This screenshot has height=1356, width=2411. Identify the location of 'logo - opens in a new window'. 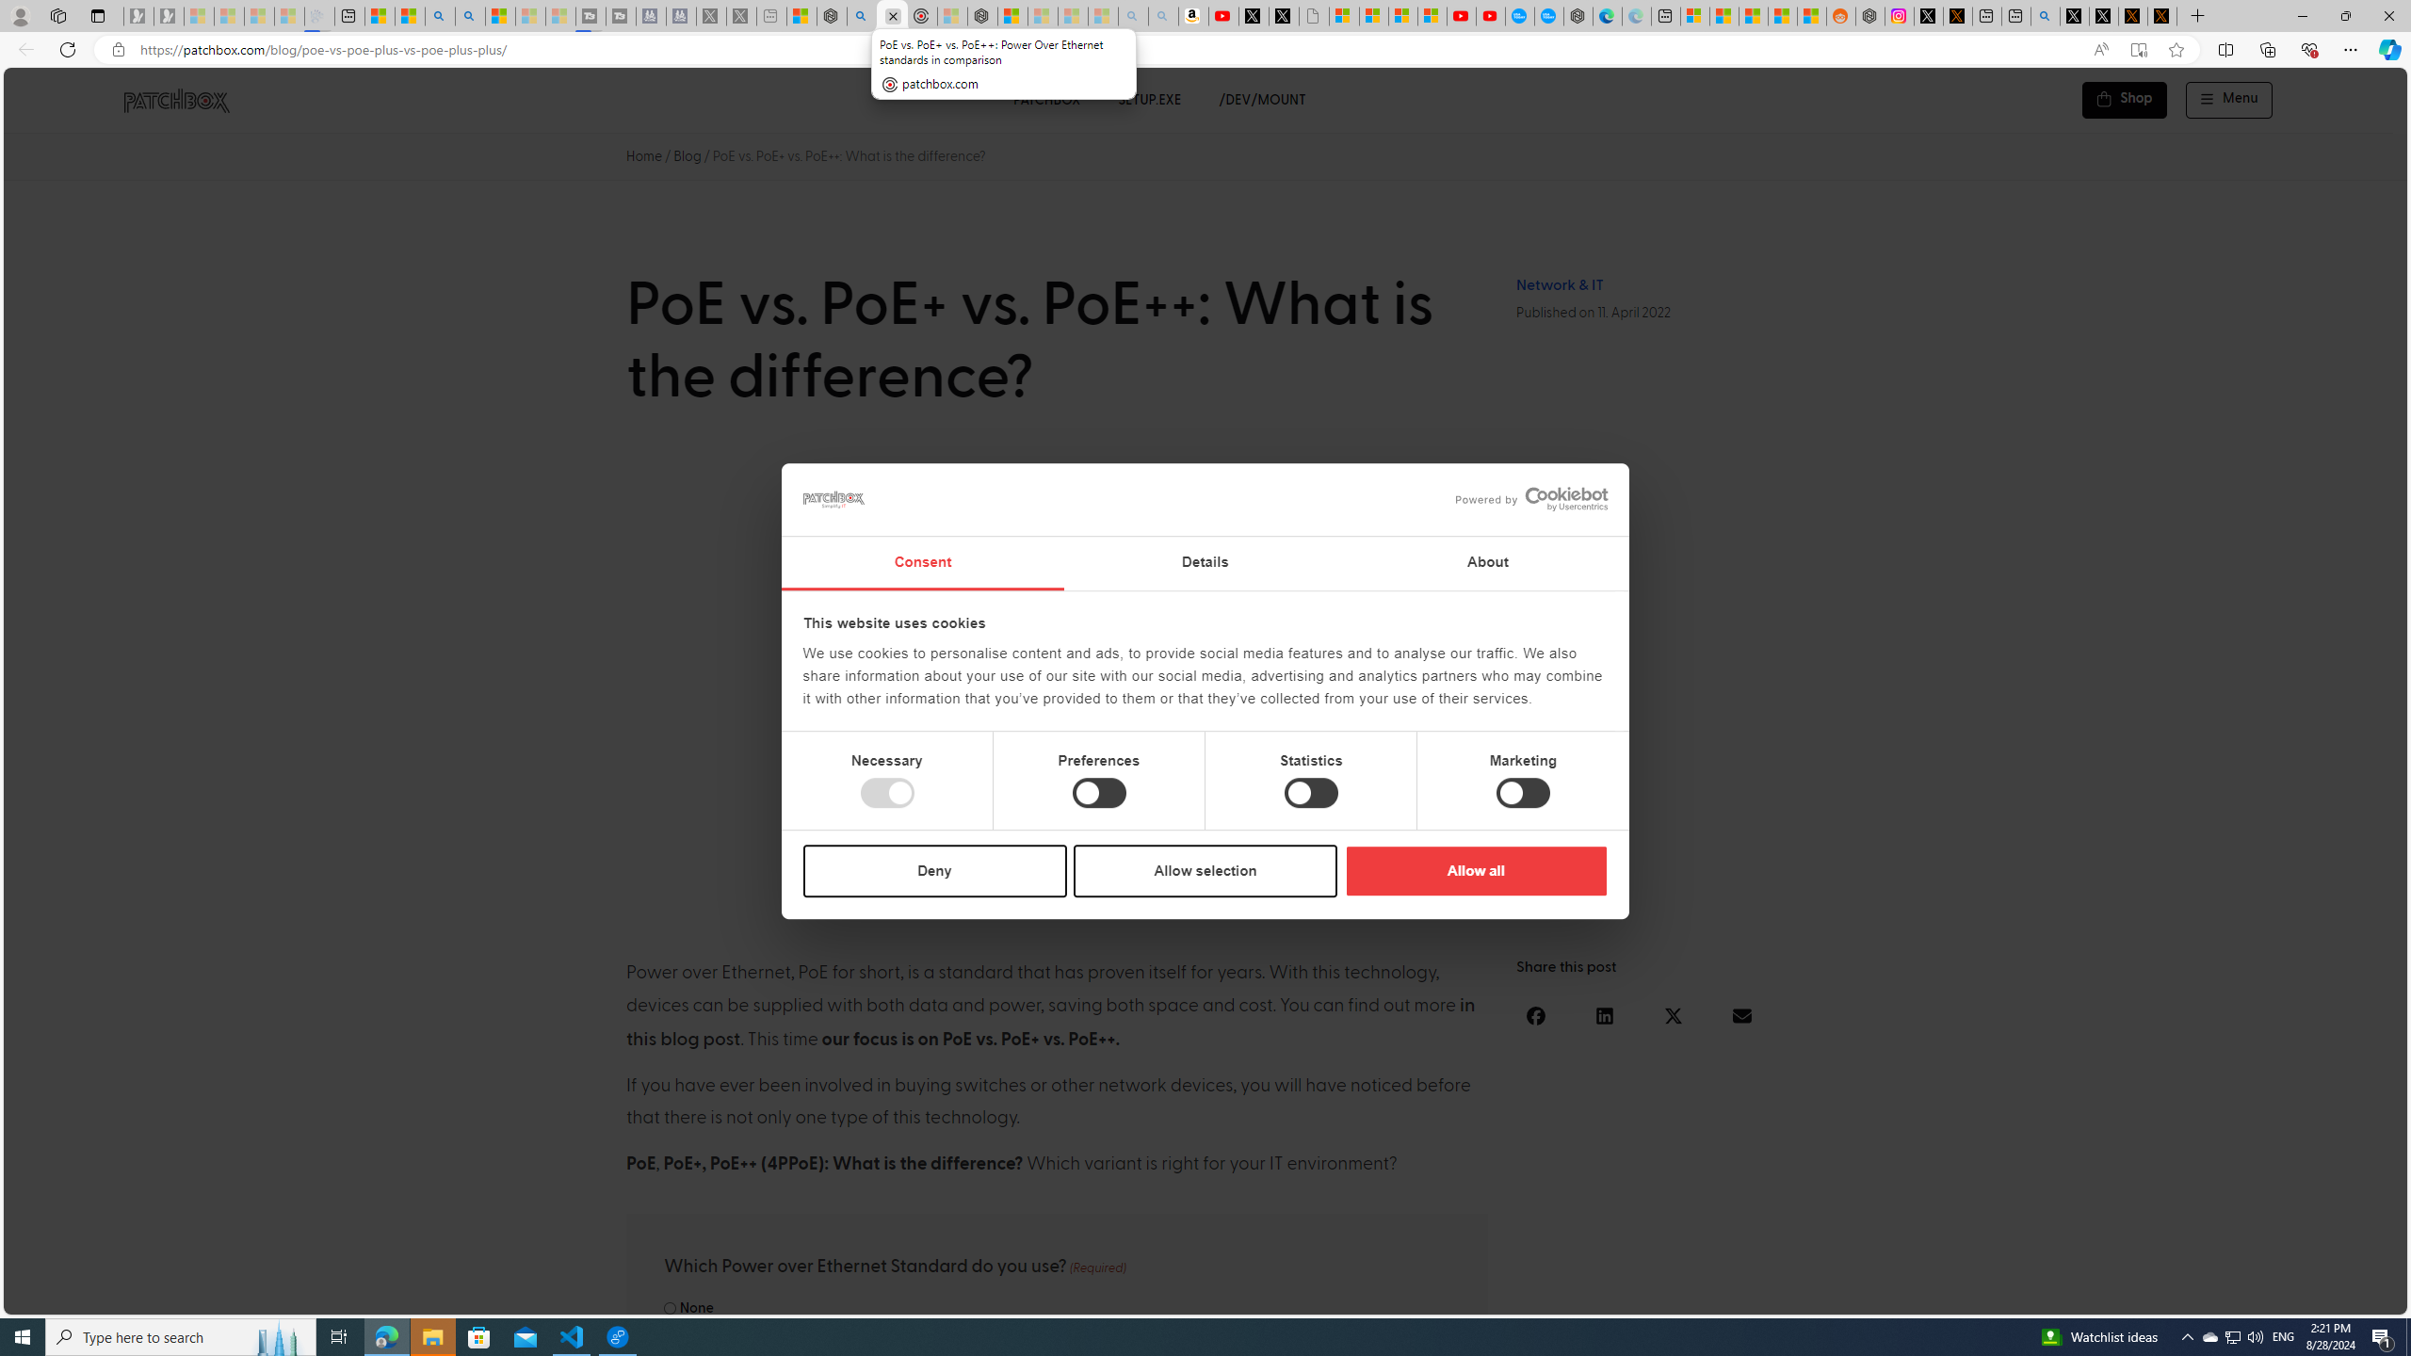
(1524, 498).